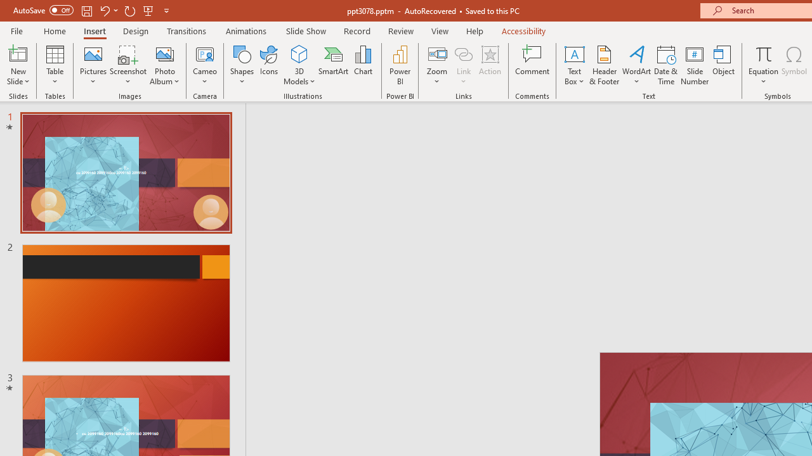 Image resolution: width=812 pixels, height=456 pixels. What do you see at coordinates (55, 65) in the screenshot?
I see `'Table'` at bounding box center [55, 65].